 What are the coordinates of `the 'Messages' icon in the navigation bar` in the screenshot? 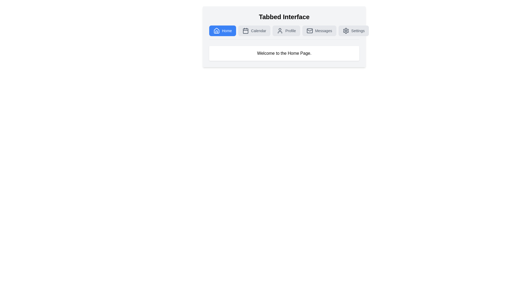 It's located at (310, 31).